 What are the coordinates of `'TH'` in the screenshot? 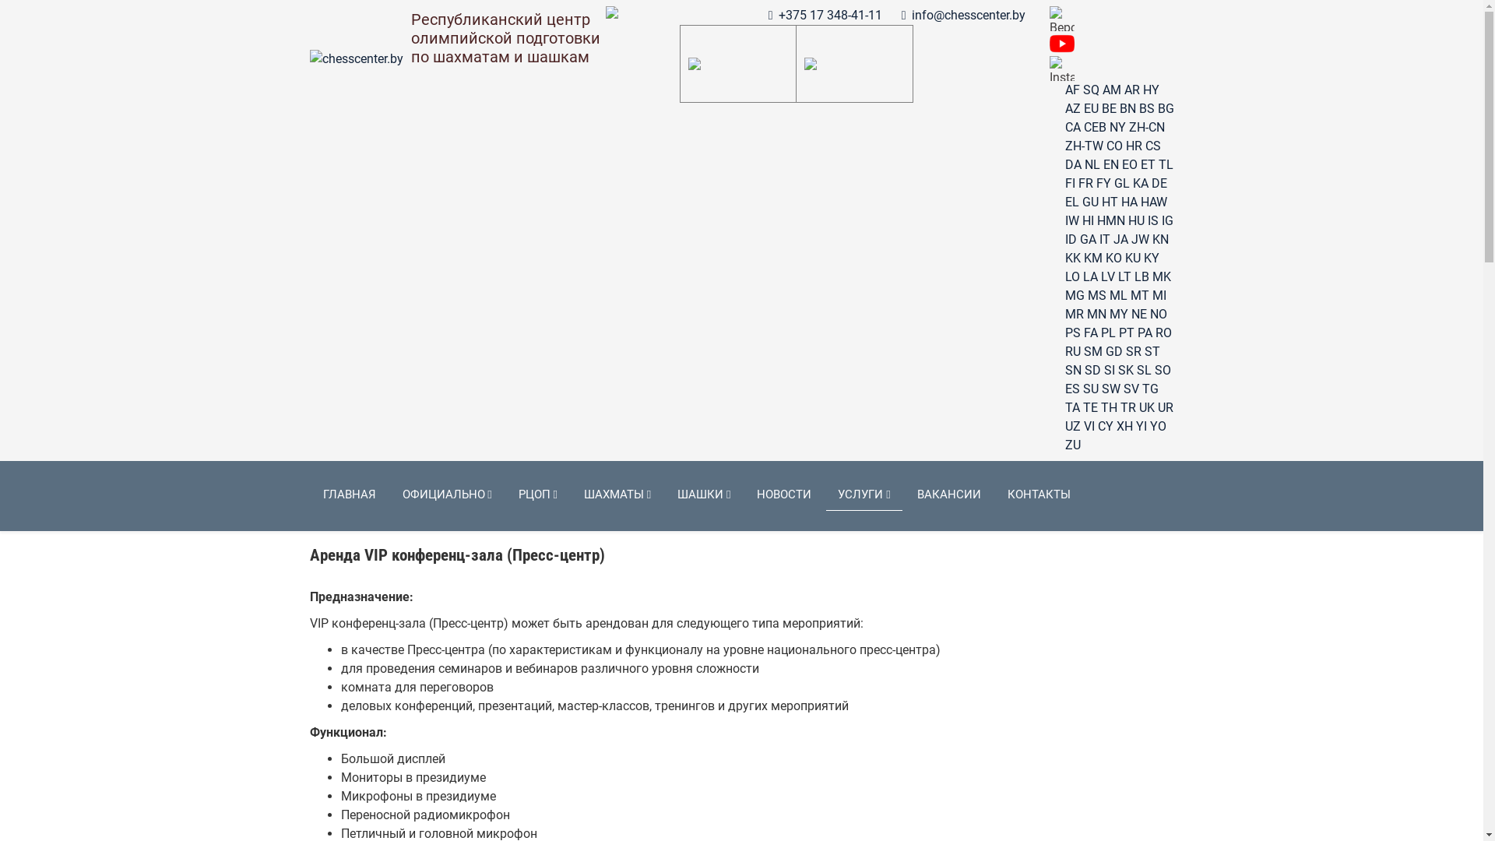 It's located at (1100, 406).